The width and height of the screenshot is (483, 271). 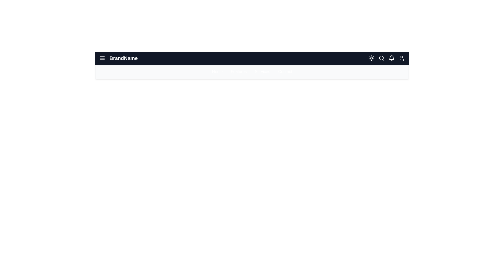 I want to click on the 'Services' navigation link, so click(x=262, y=72).